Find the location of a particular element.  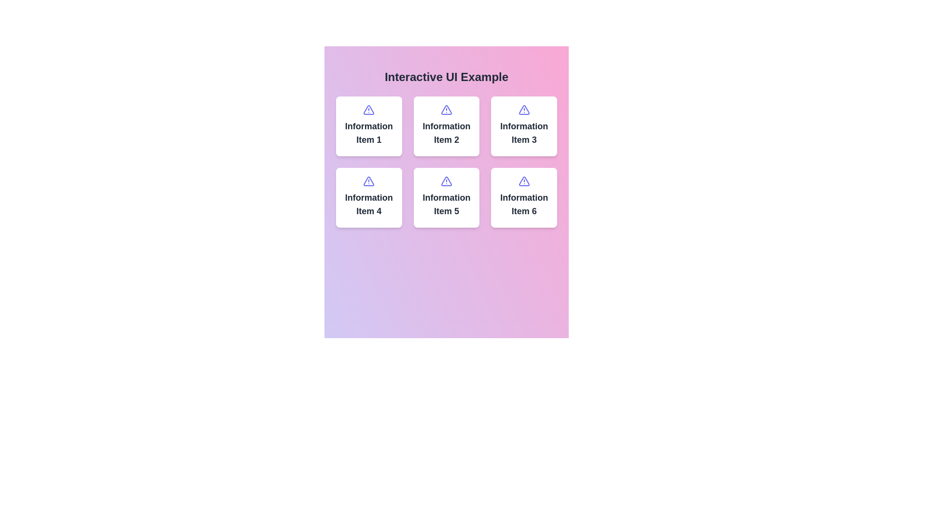

the triangular warning icon with a centered exclamation mark in the fifth pane labeled 'Information Item 5' is located at coordinates (446, 181).